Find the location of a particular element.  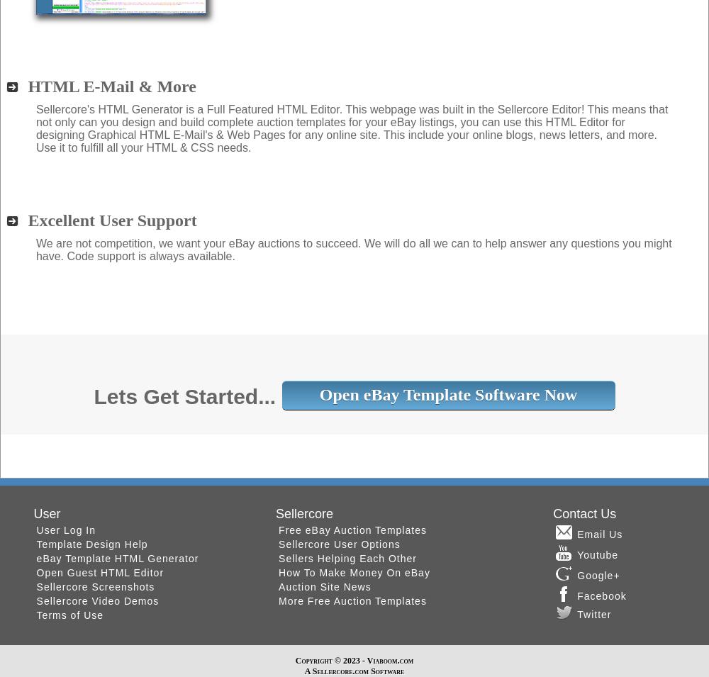

'We are not competition, we want your eBay auctions to succeed. We will do all we can to help answer any questions you might have. Code support is always available.' is located at coordinates (35, 248).